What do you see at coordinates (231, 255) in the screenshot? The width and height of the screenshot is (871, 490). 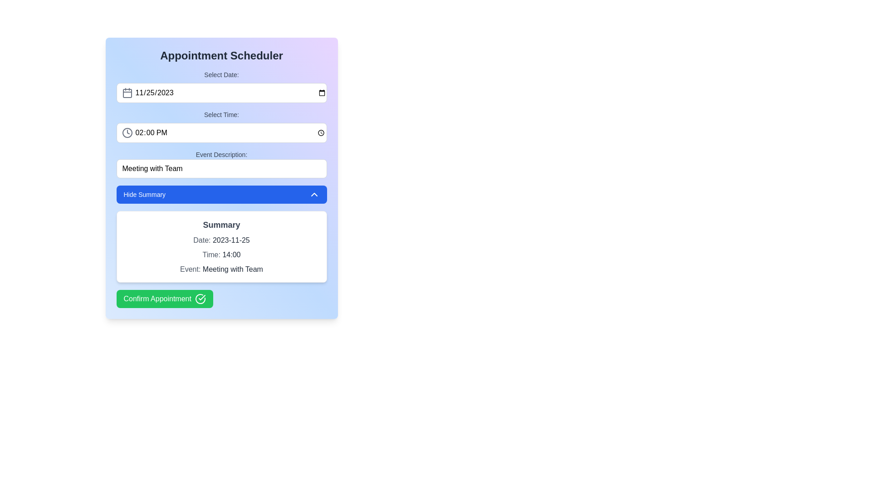 I see `displayed time in the summary box under the label 'Time', which is located between the labels 'Date' and 'Event'` at bounding box center [231, 255].